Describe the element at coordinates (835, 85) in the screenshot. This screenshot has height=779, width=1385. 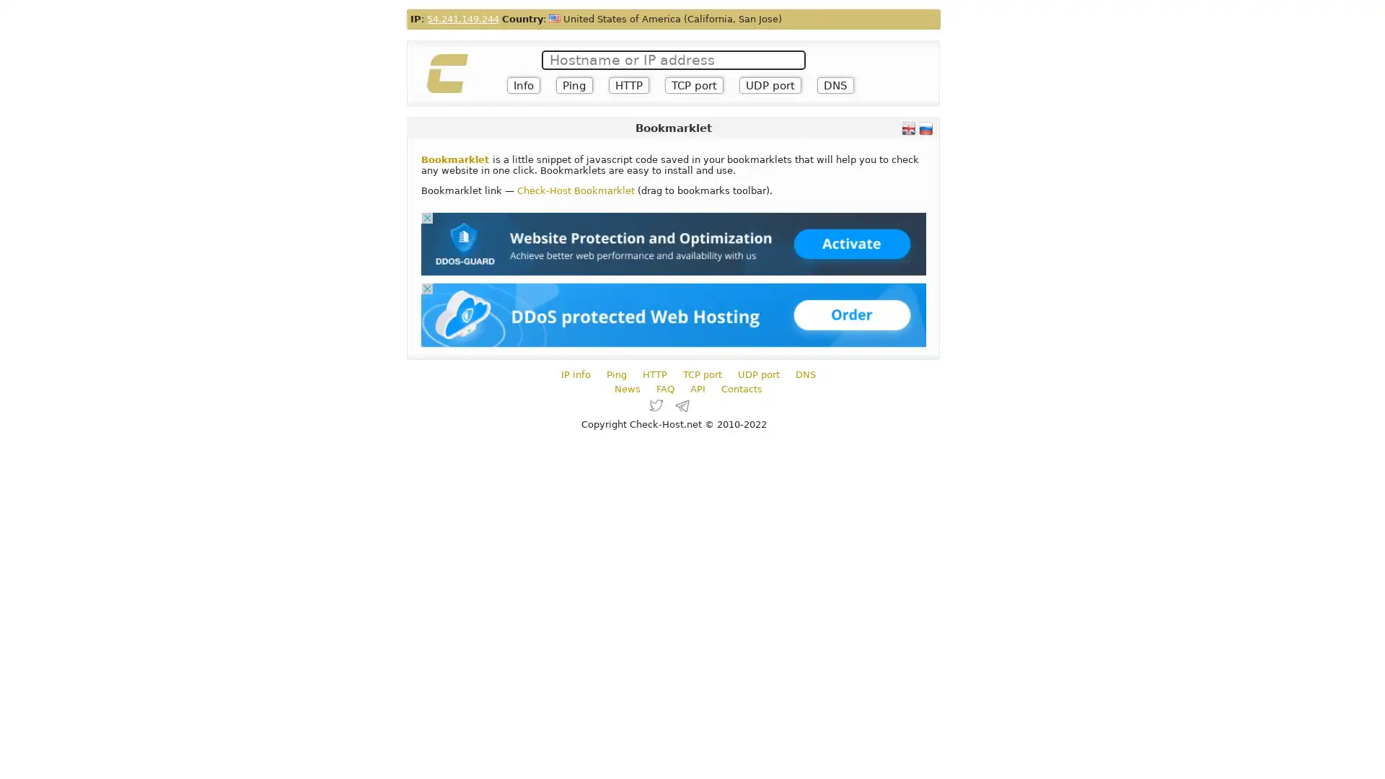
I see `DNS` at that location.